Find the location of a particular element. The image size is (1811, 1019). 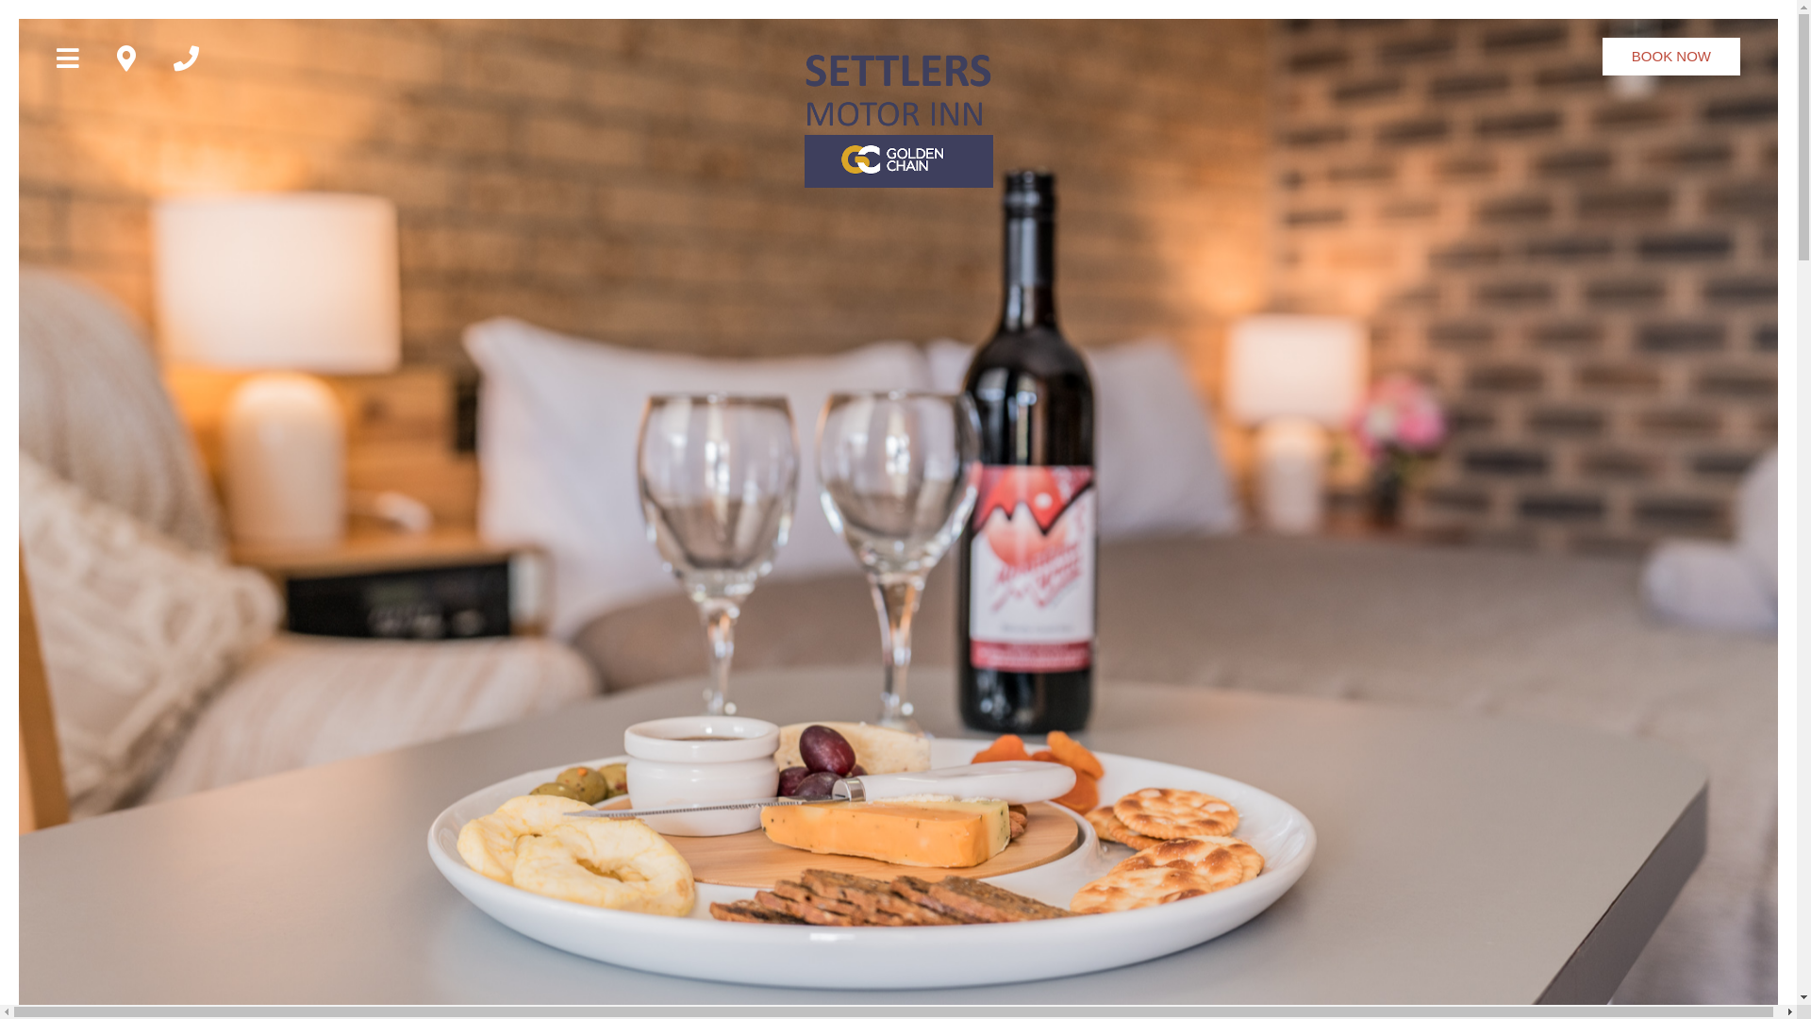

'BOOK NOW' is located at coordinates (1670, 56).